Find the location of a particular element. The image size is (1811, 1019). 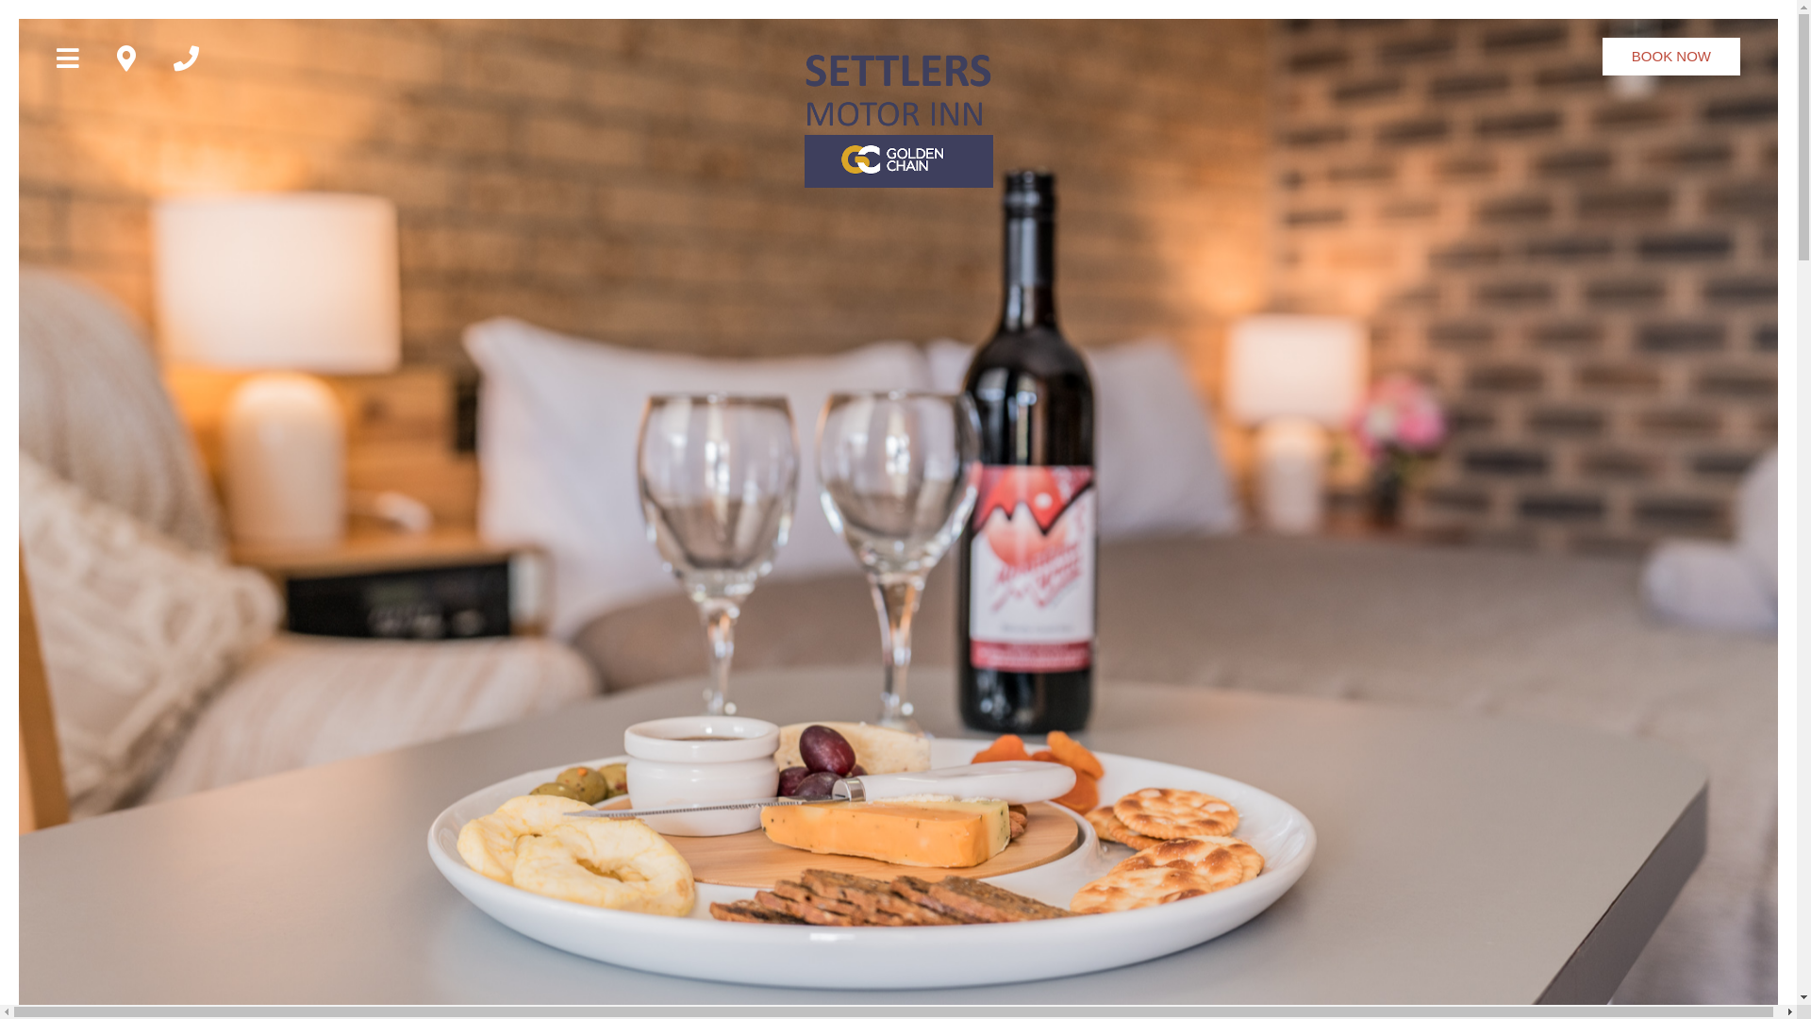

'BOOK NOW' is located at coordinates (1670, 56).